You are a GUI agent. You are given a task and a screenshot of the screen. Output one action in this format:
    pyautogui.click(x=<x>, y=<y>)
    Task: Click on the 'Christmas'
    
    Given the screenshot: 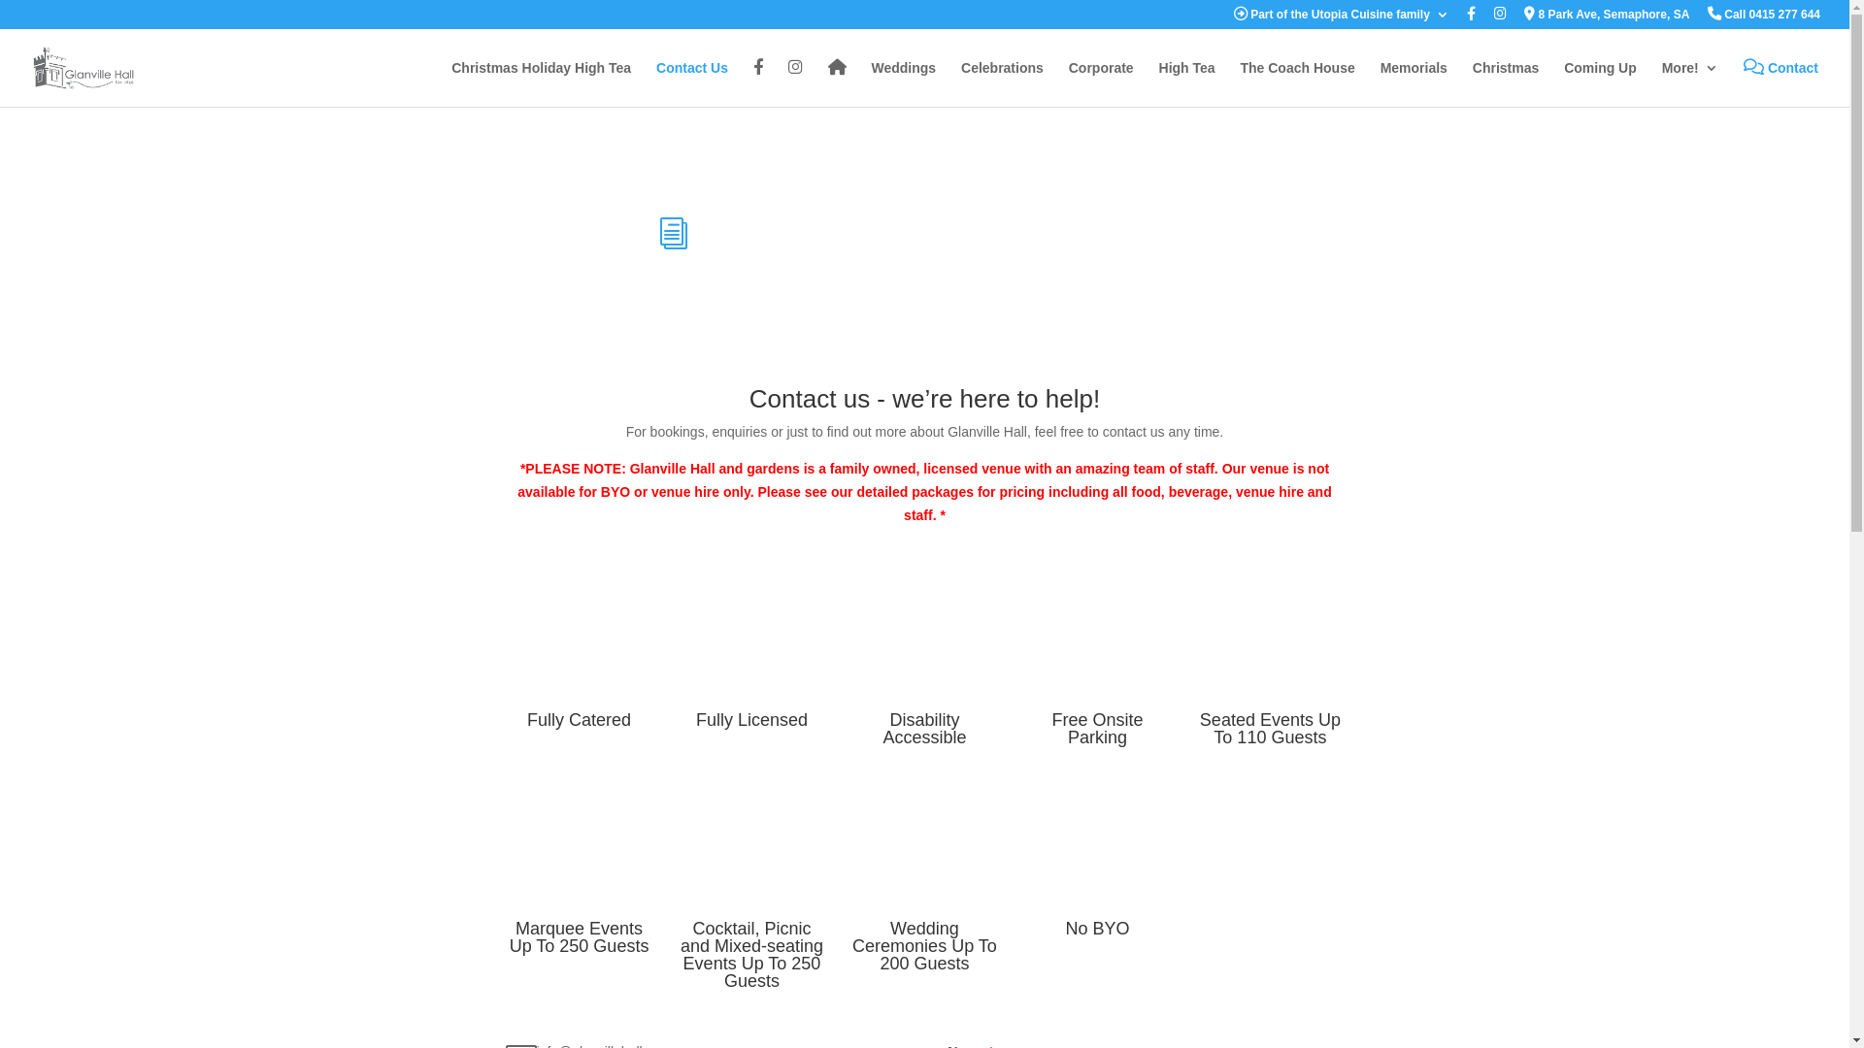 What is the action you would take?
    pyautogui.click(x=1504, y=82)
    